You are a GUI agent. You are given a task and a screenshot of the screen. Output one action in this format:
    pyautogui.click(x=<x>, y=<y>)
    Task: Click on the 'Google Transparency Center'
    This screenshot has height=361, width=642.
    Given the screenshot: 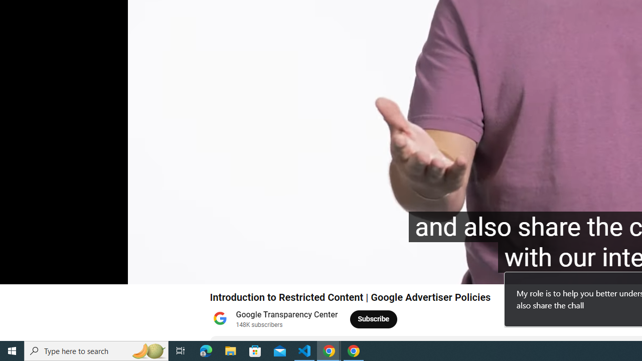 What is the action you would take?
    pyautogui.click(x=286, y=314)
    